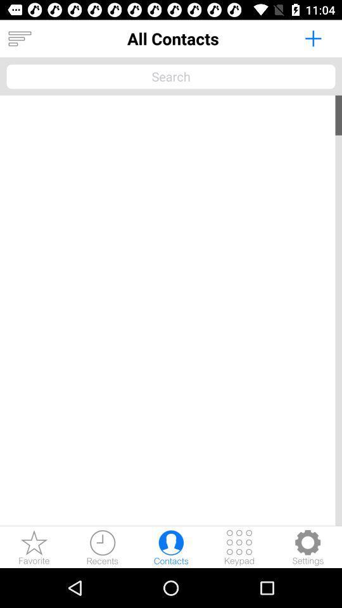  Describe the element at coordinates (171, 547) in the screenshot. I see `the avatar icon` at that location.